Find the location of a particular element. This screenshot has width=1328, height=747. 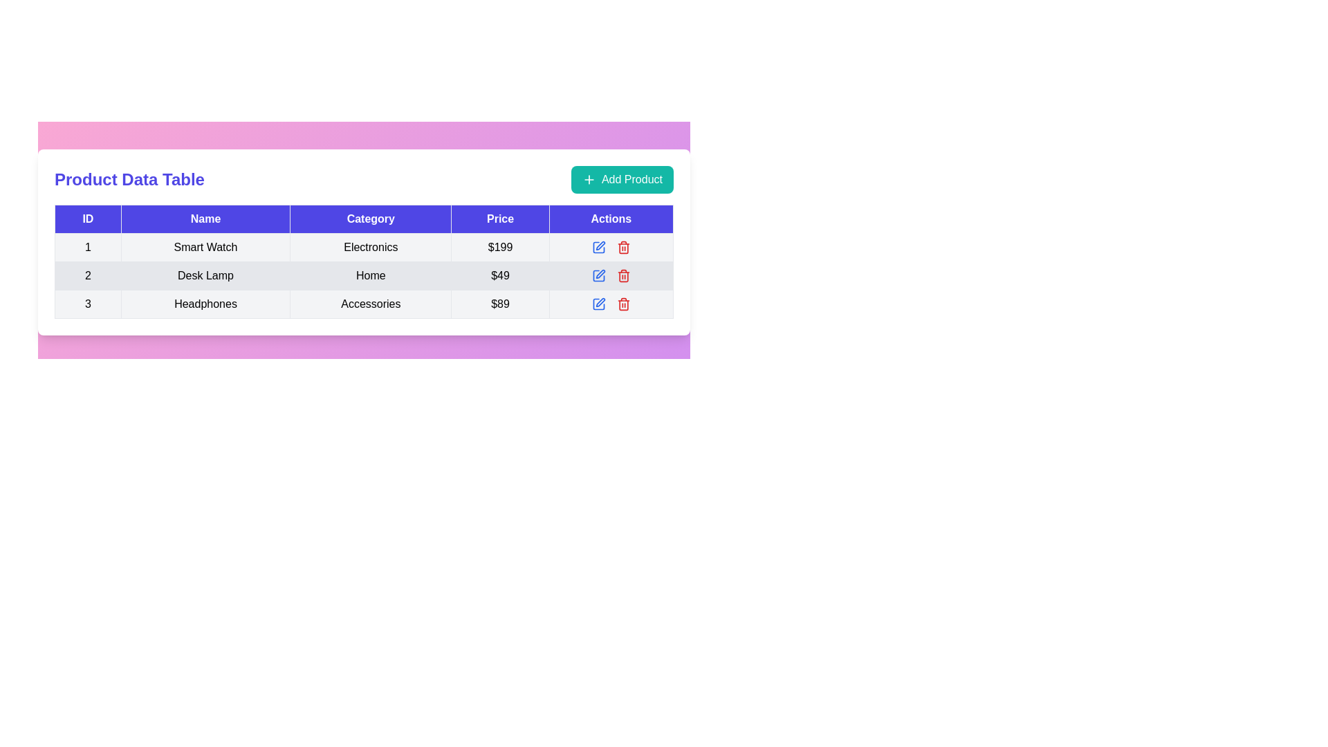

the text label displaying '$199' in the 'Price' column for the 'Smart Watch' product entry in the data table is located at coordinates (499, 247).